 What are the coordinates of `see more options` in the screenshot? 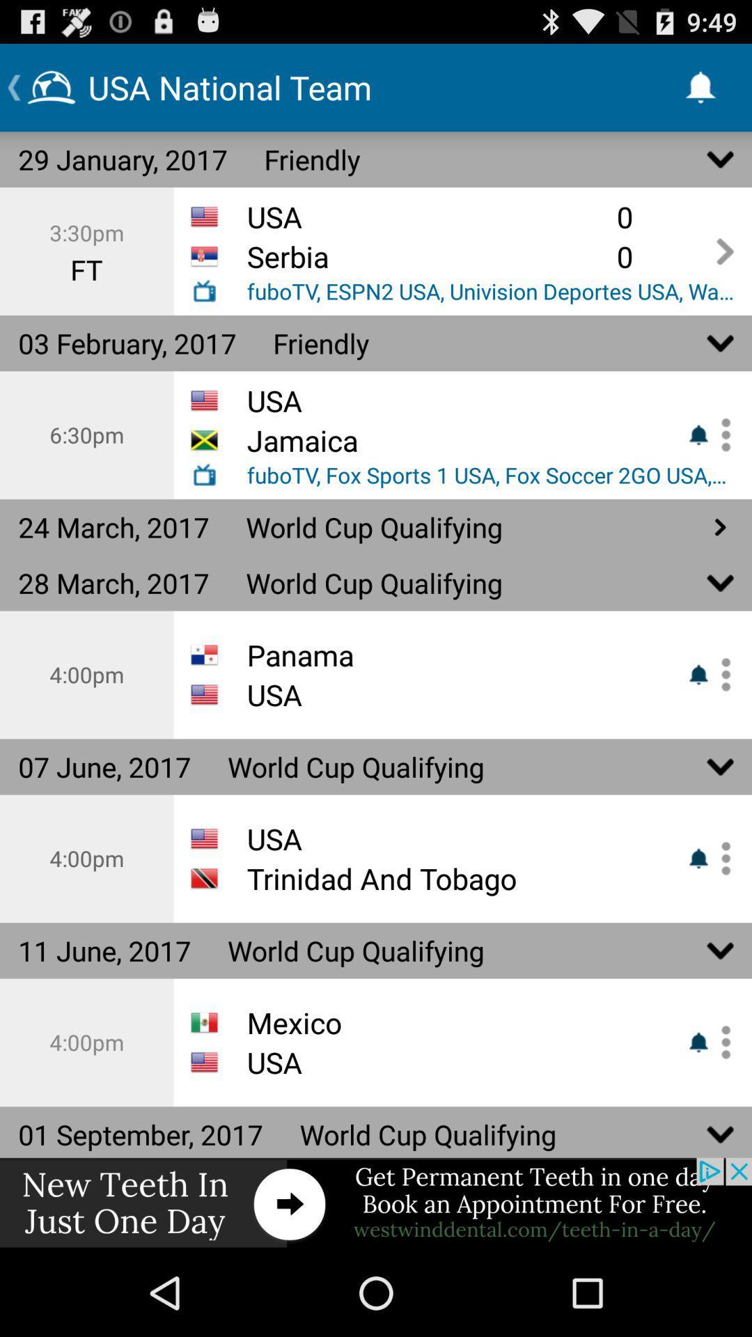 It's located at (721, 1042).